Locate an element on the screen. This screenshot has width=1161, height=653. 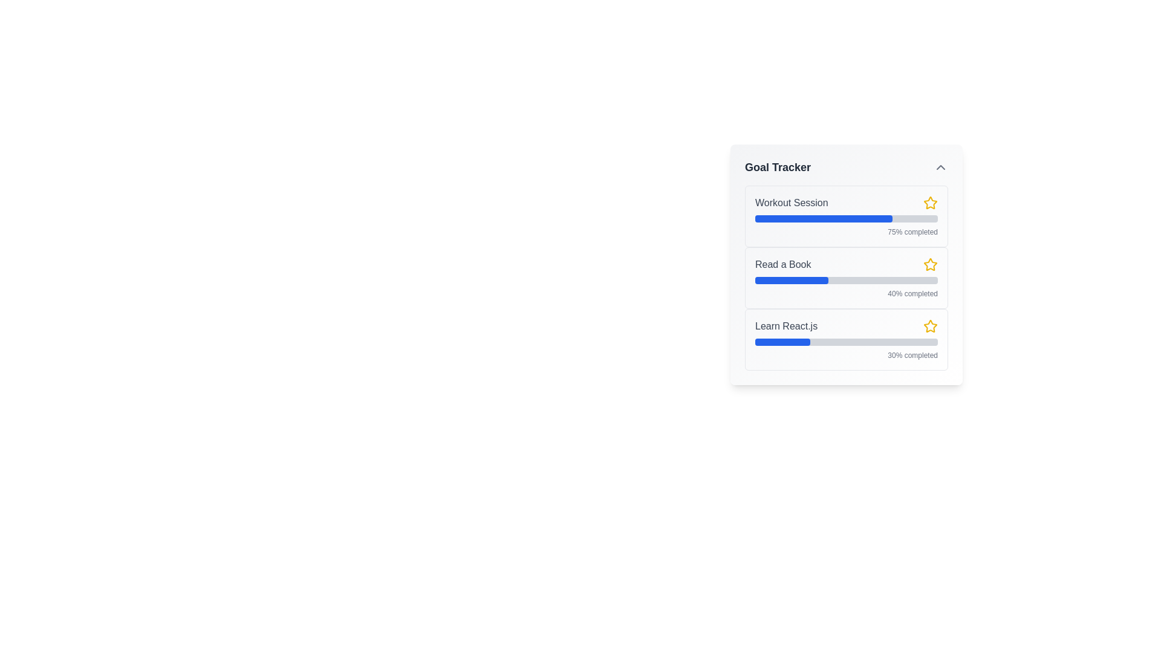
text label 'Workout Session' which is styled in a medium-weight font and gray color, located in the upper-left section above a progress bar is located at coordinates (792, 202).